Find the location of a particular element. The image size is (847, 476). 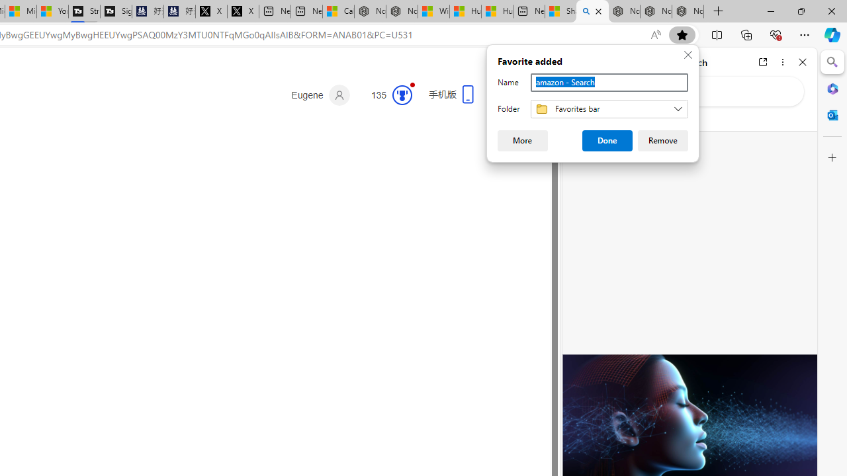

'Microsoft Rewards 132' is located at coordinates (386, 95).